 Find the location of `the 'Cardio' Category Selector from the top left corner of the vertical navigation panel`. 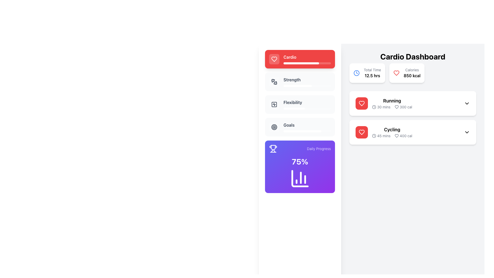

the 'Cardio' Category Selector from the top left corner of the vertical navigation panel is located at coordinates (300, 59).